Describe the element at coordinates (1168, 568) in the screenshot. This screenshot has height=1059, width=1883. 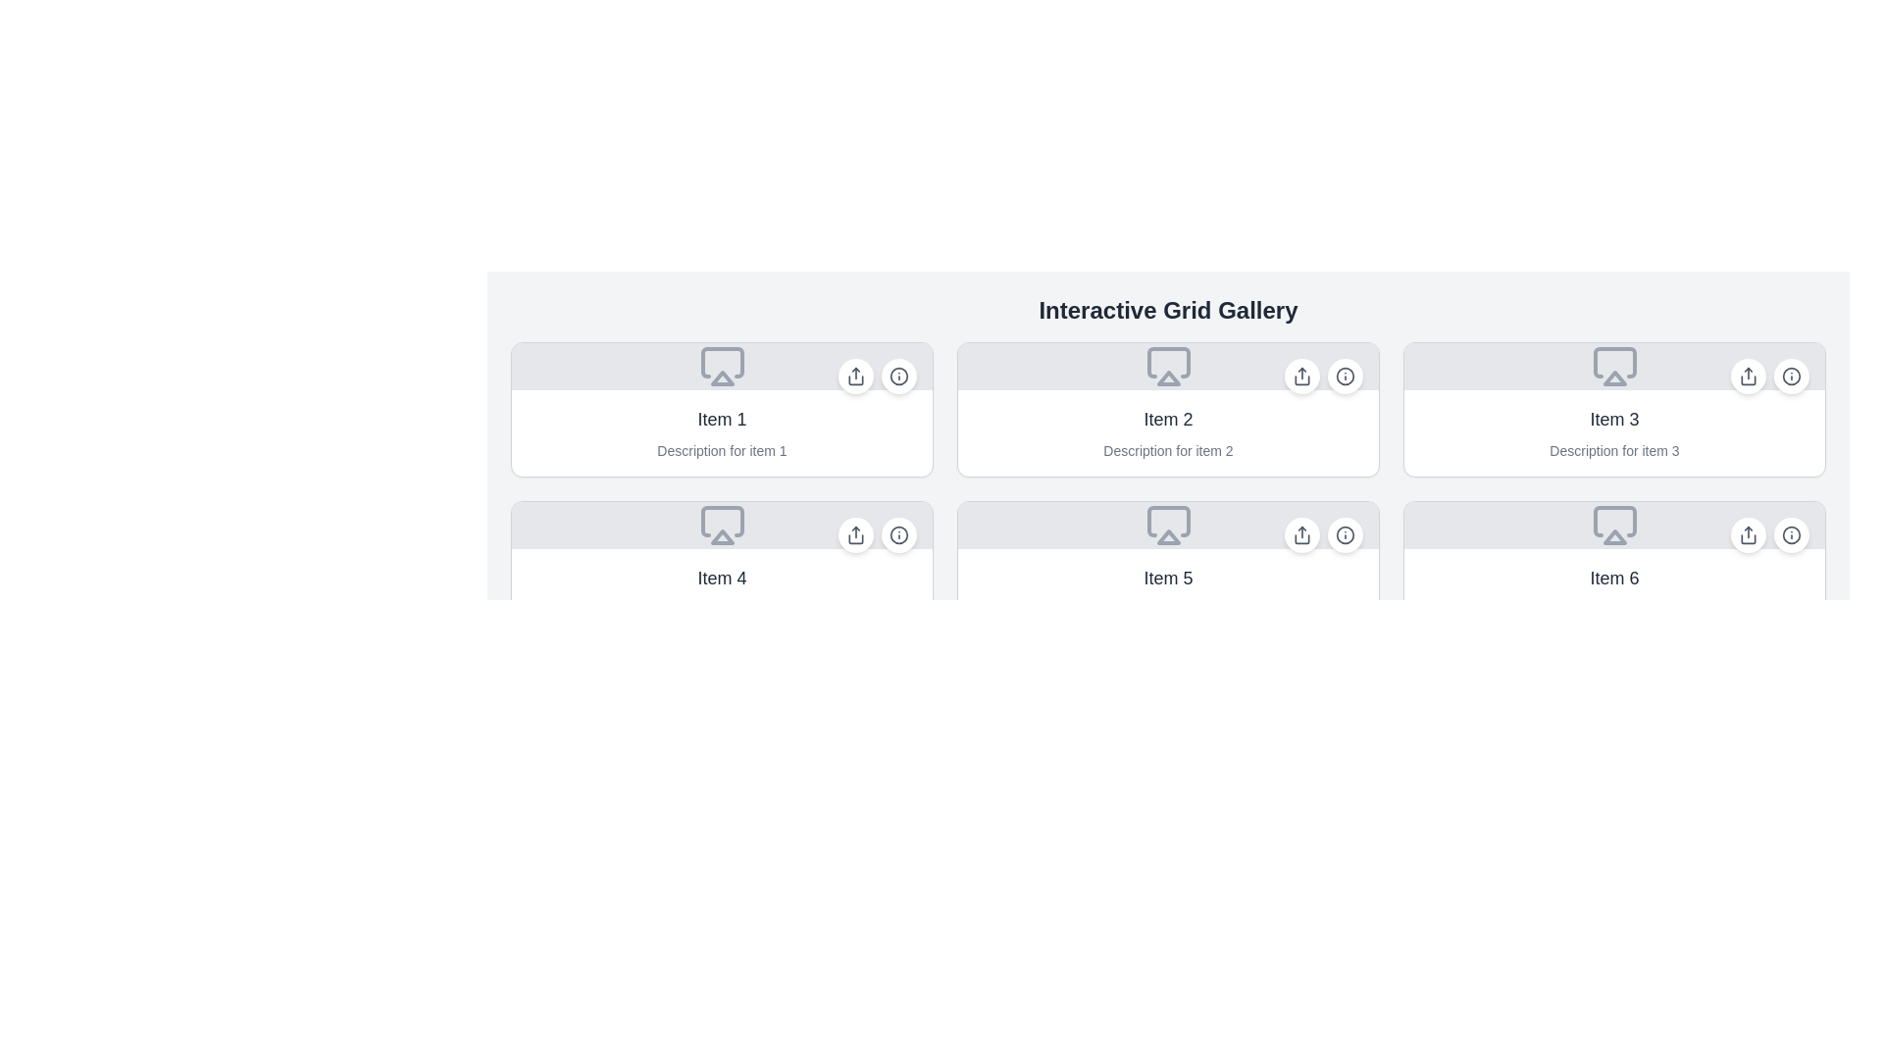
I see `the interactive overlay that covers the fifth card in the grid, located in the second row and second column` at that location.